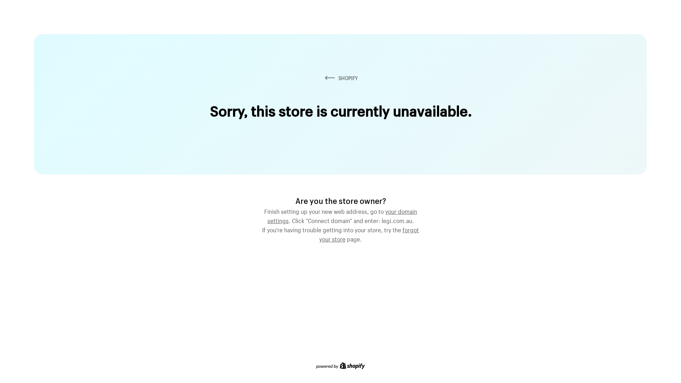 The height and width of the screenshot is (383, 681). Describe the element at coordinates (323, 78) in the screenshot. I see `'SHOPIFY'` at that location.